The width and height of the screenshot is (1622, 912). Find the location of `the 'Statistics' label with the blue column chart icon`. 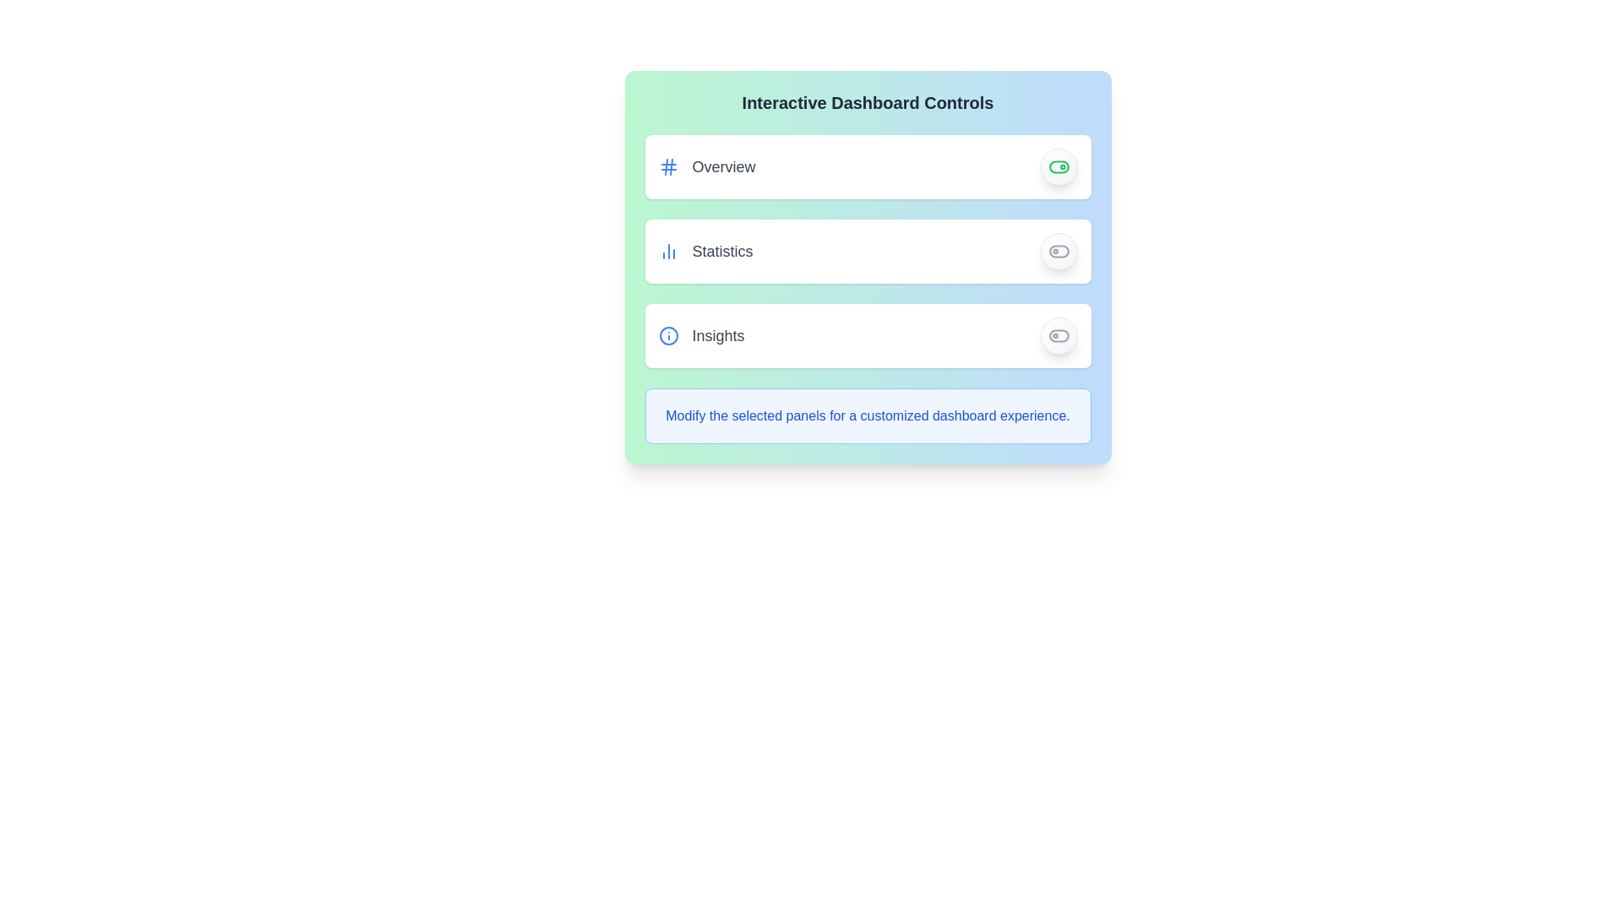

the 'Statistics' label with the blue column chart icon is located at coordinates (705, 251).